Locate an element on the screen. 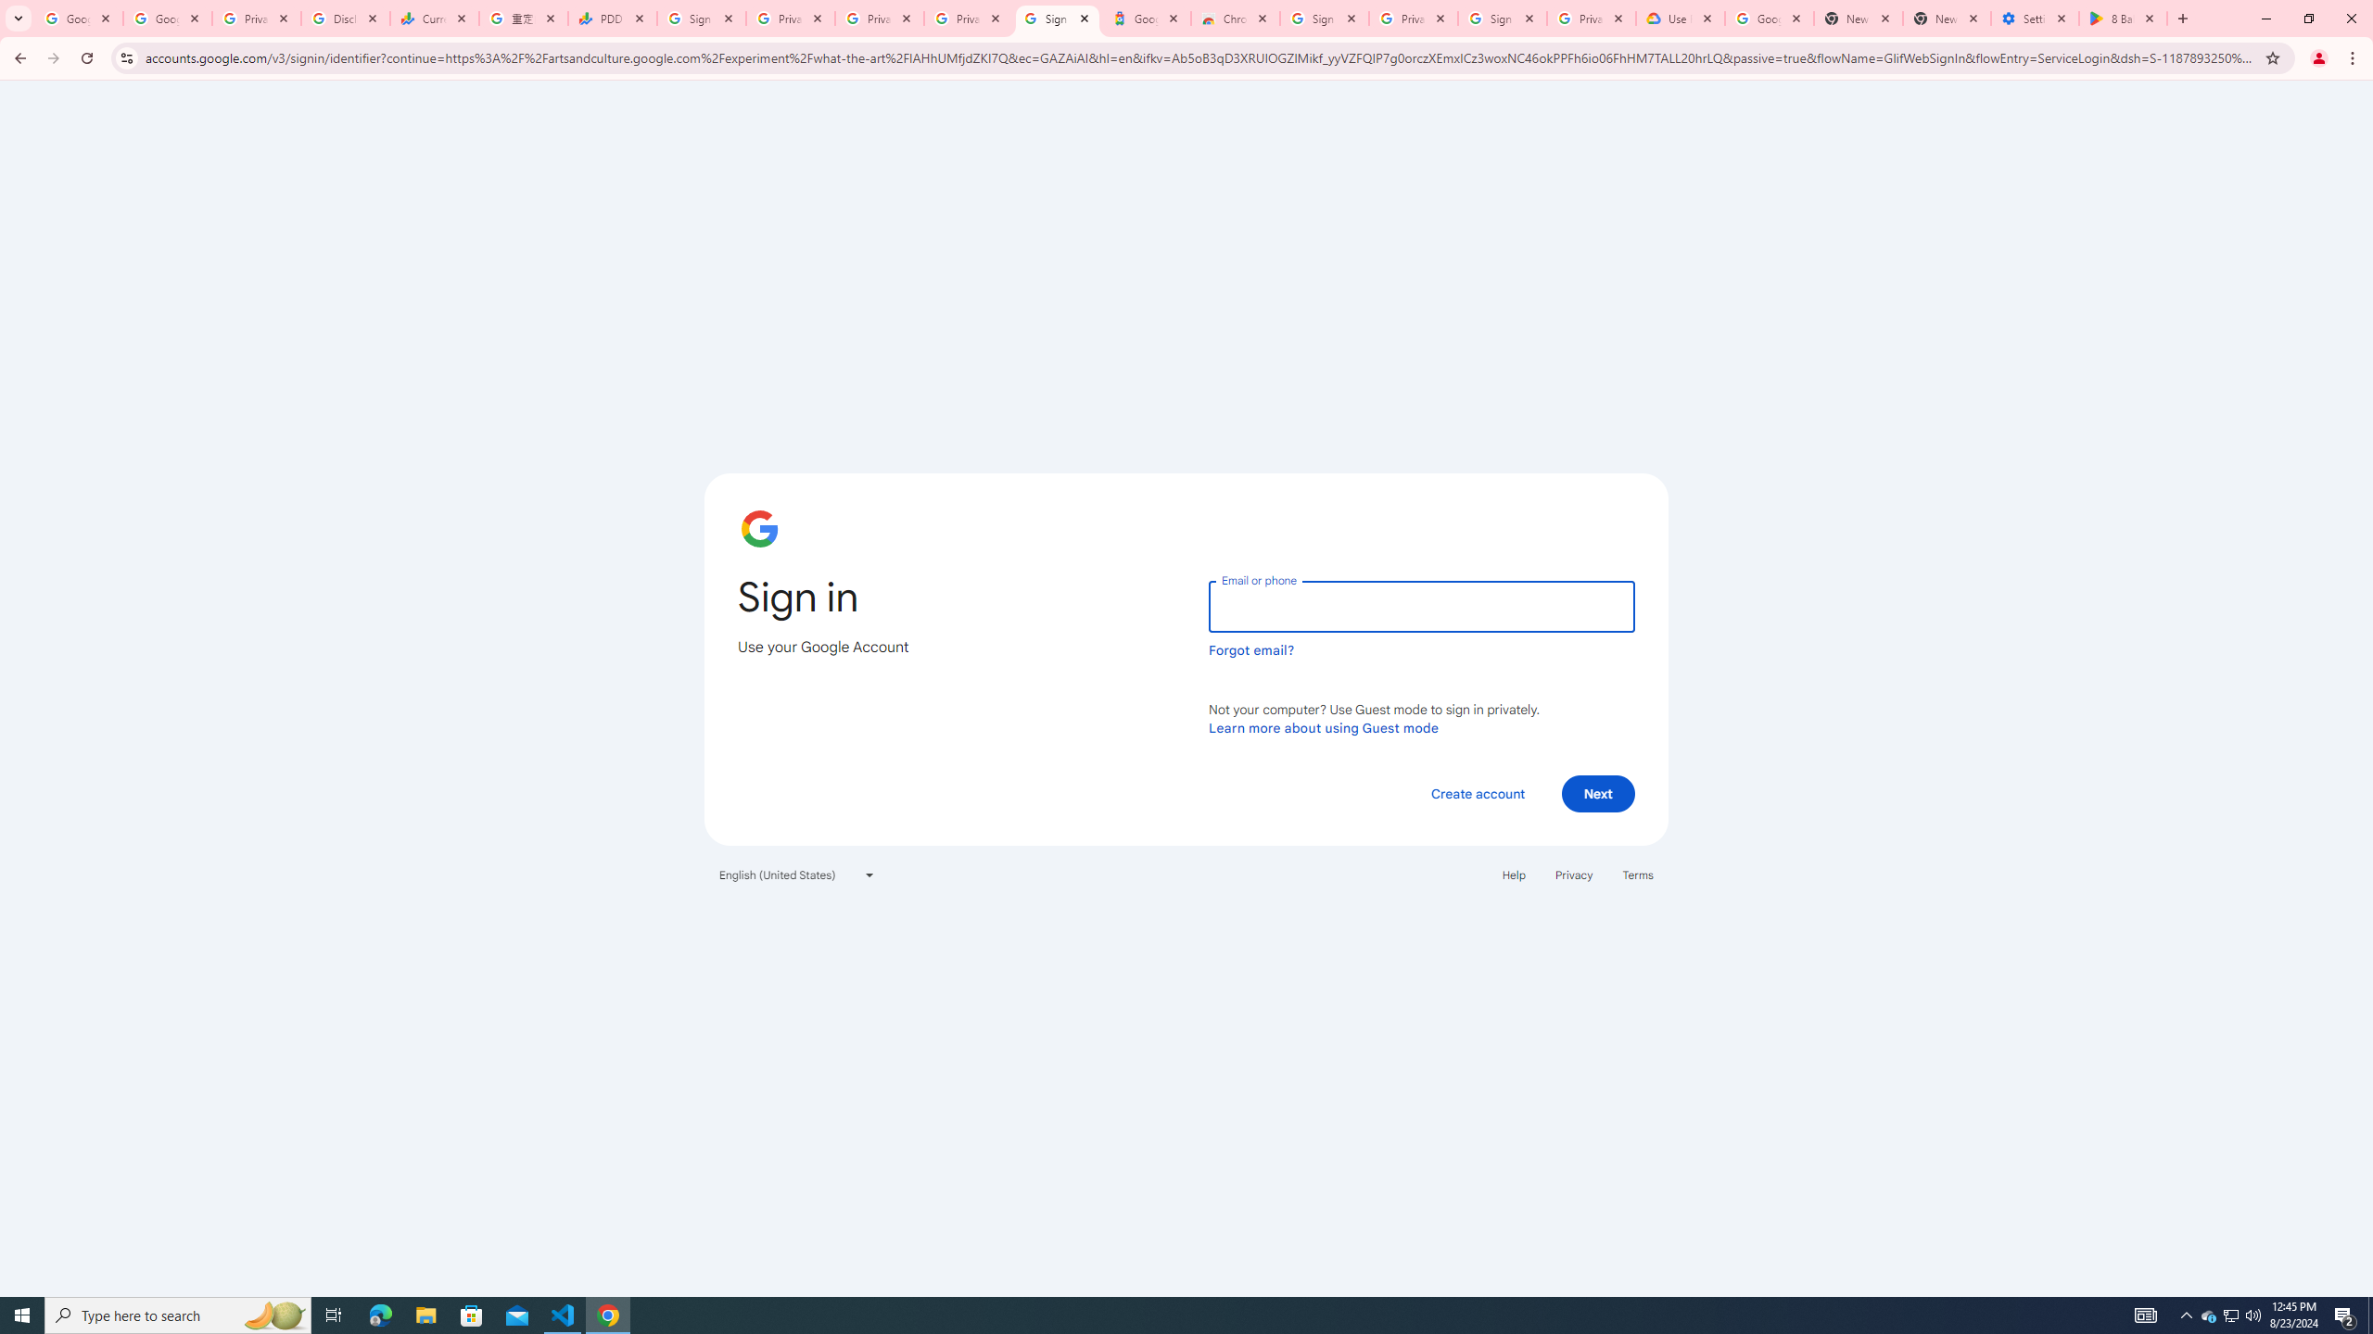  'New Tab' is located at coordinates (1946, 18).